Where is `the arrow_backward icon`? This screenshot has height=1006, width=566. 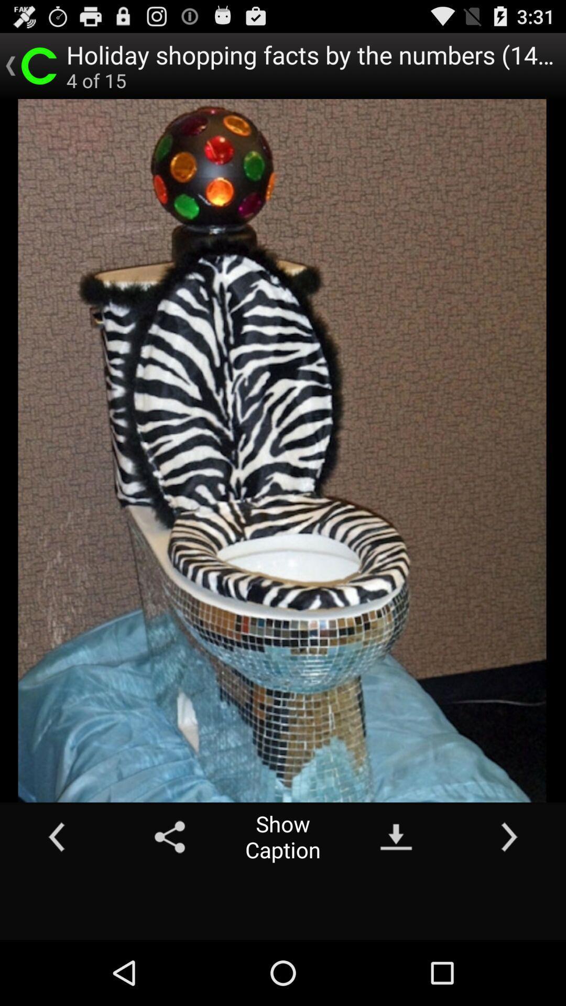 the arrow_backward icon is located at coordinates (57, 895).